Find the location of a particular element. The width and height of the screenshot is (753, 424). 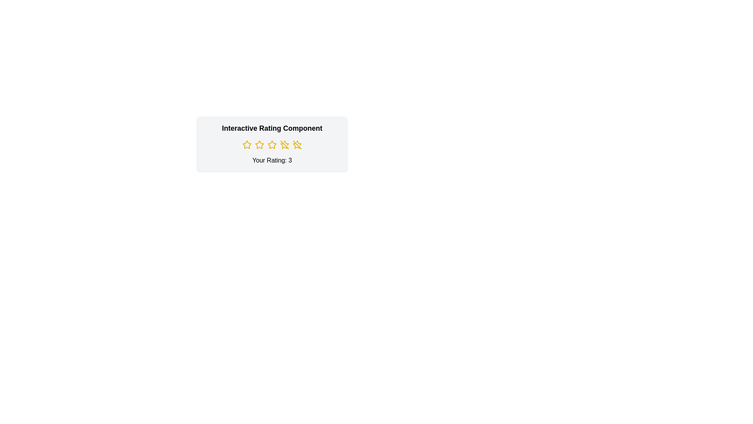

the star corresponding to the desired rating 4 is located at coordinates (284, 145).